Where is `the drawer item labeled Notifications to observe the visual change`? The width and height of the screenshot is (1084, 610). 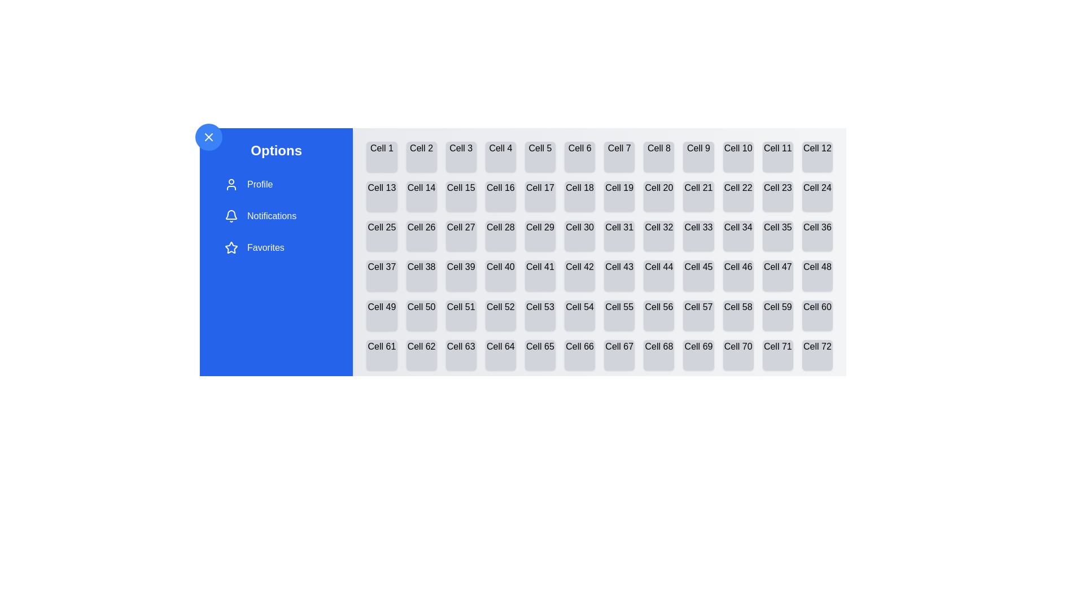 the drawer item labeled Notifications to observe the visual change is located at coordinates (276, 216).